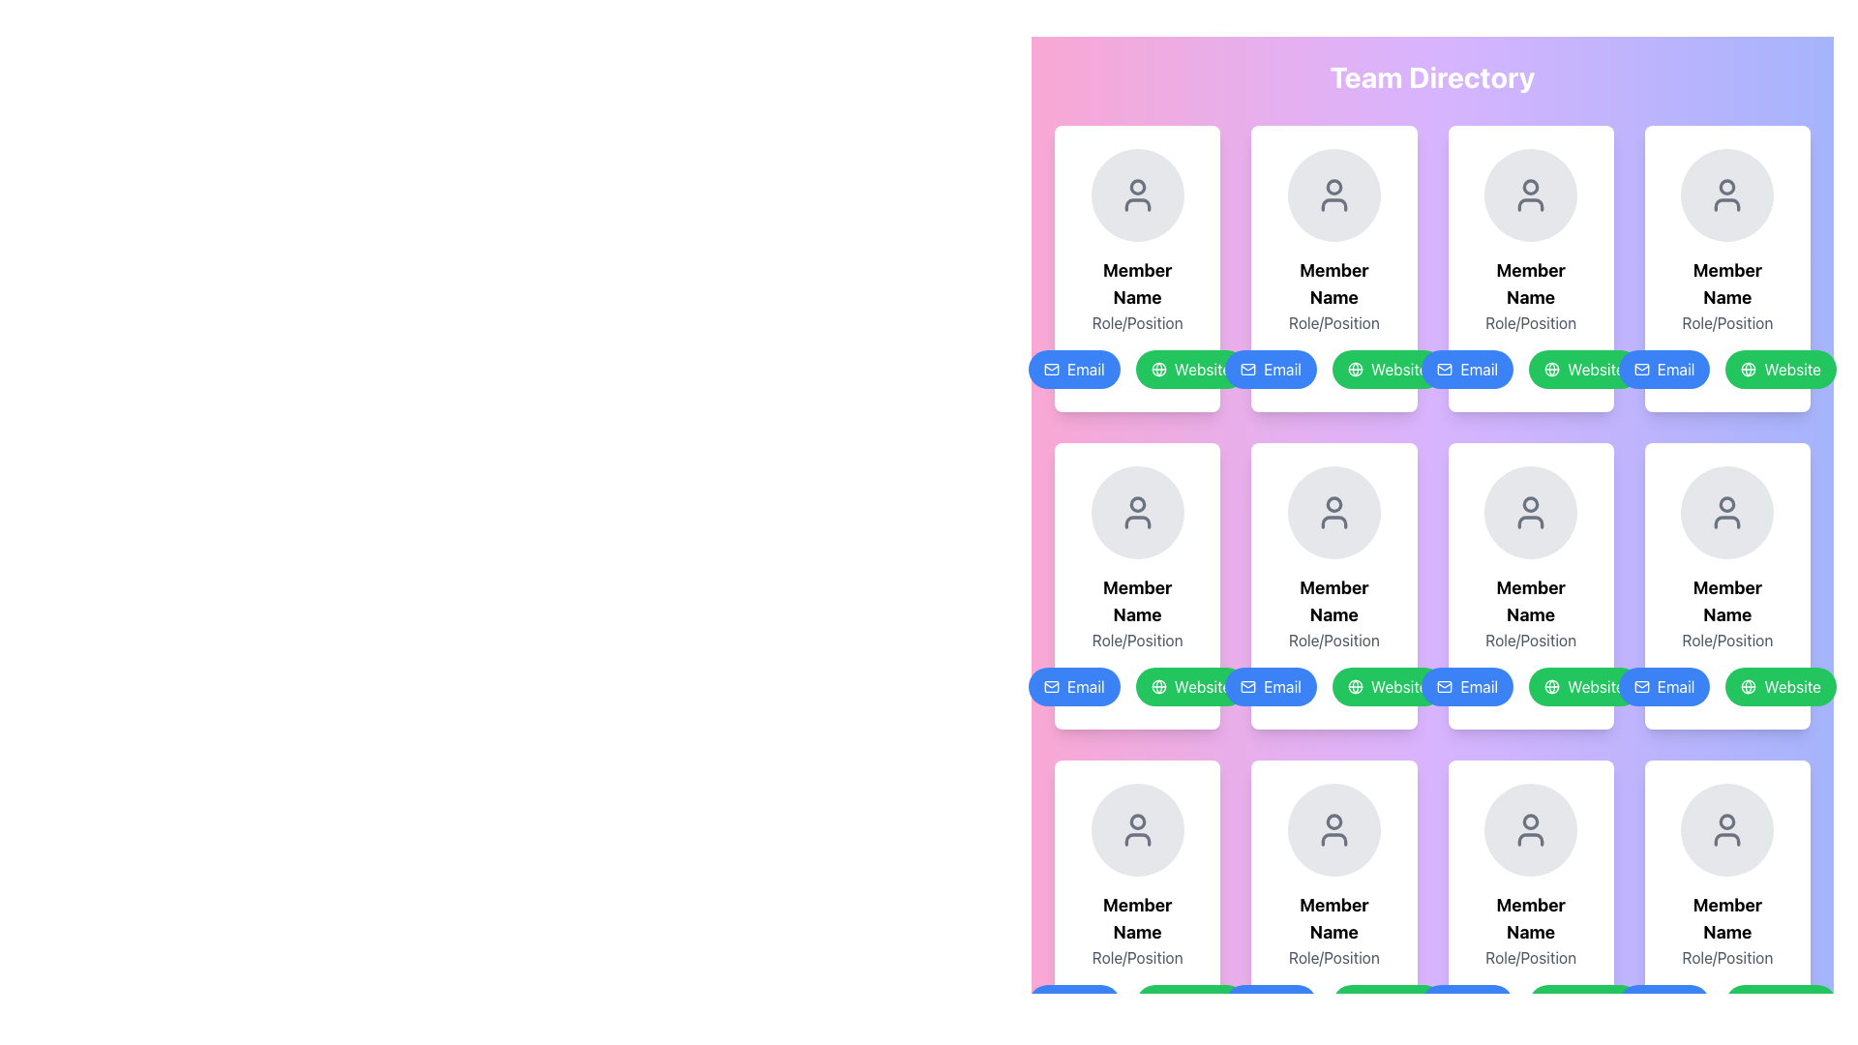  What do you see at coordinates (1333, 828) in the screenshot?
I see `the circular profile placeholder with a gray background and user icon located in the middle section of the profile card in the last row, third column of the team directory grid layout` at bounding box center [1333, 828].